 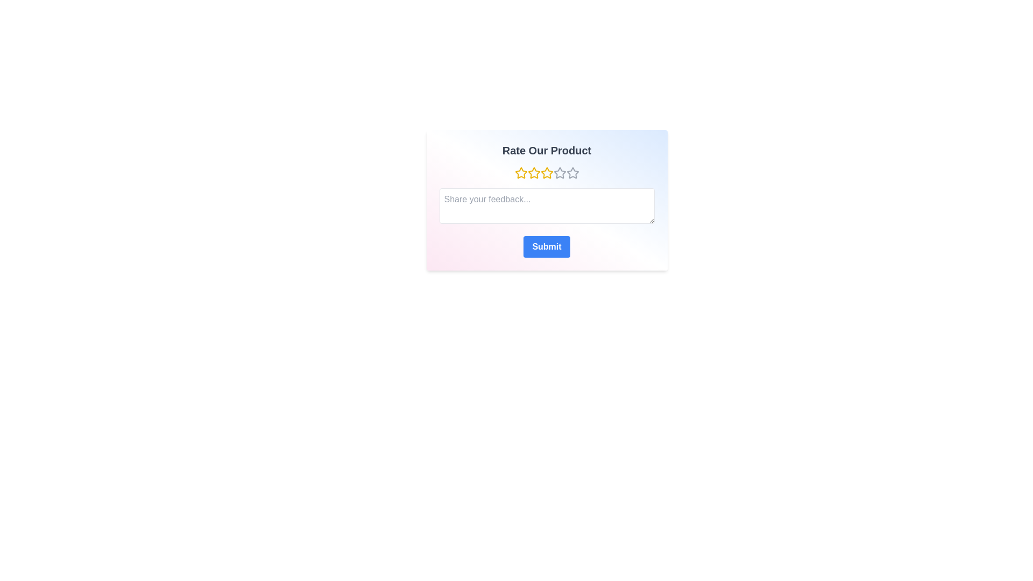 I want to click on the star corresponding to 1 to preview the rating, so click(x=521, y=172).